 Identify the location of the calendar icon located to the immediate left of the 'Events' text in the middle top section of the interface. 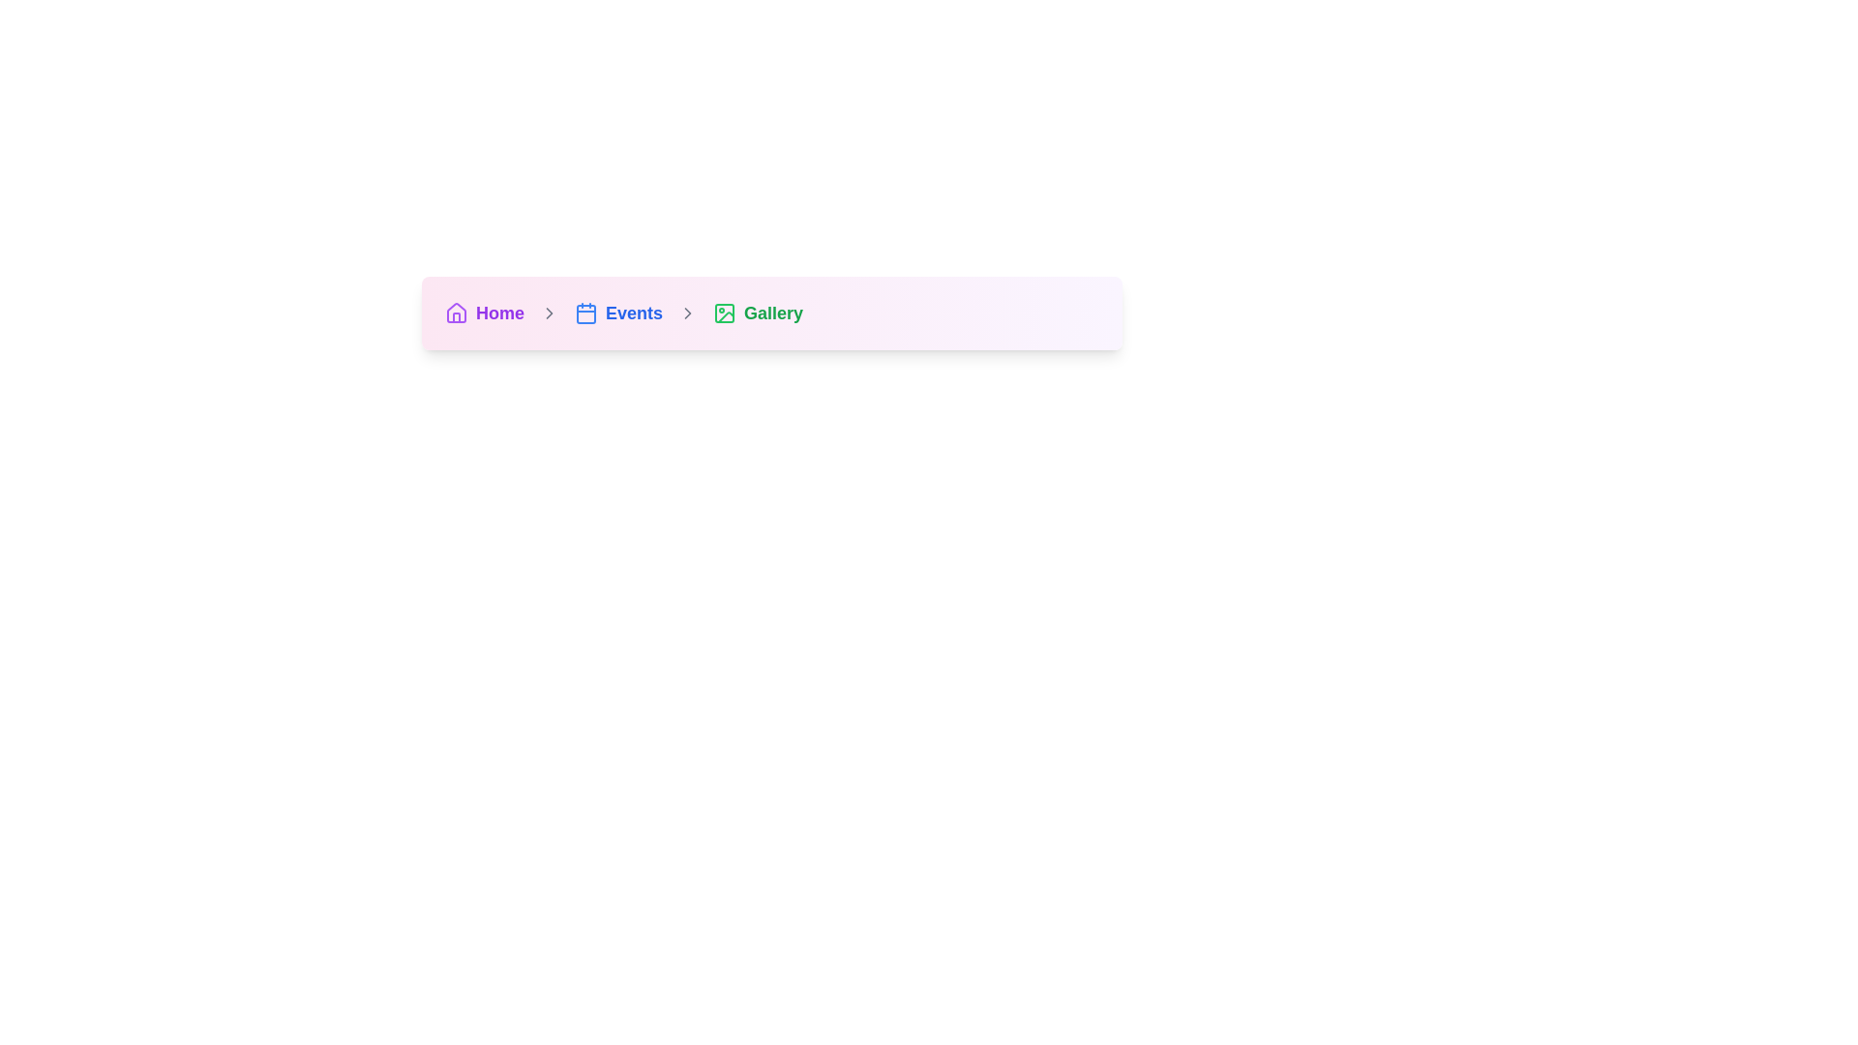
(584, 313).